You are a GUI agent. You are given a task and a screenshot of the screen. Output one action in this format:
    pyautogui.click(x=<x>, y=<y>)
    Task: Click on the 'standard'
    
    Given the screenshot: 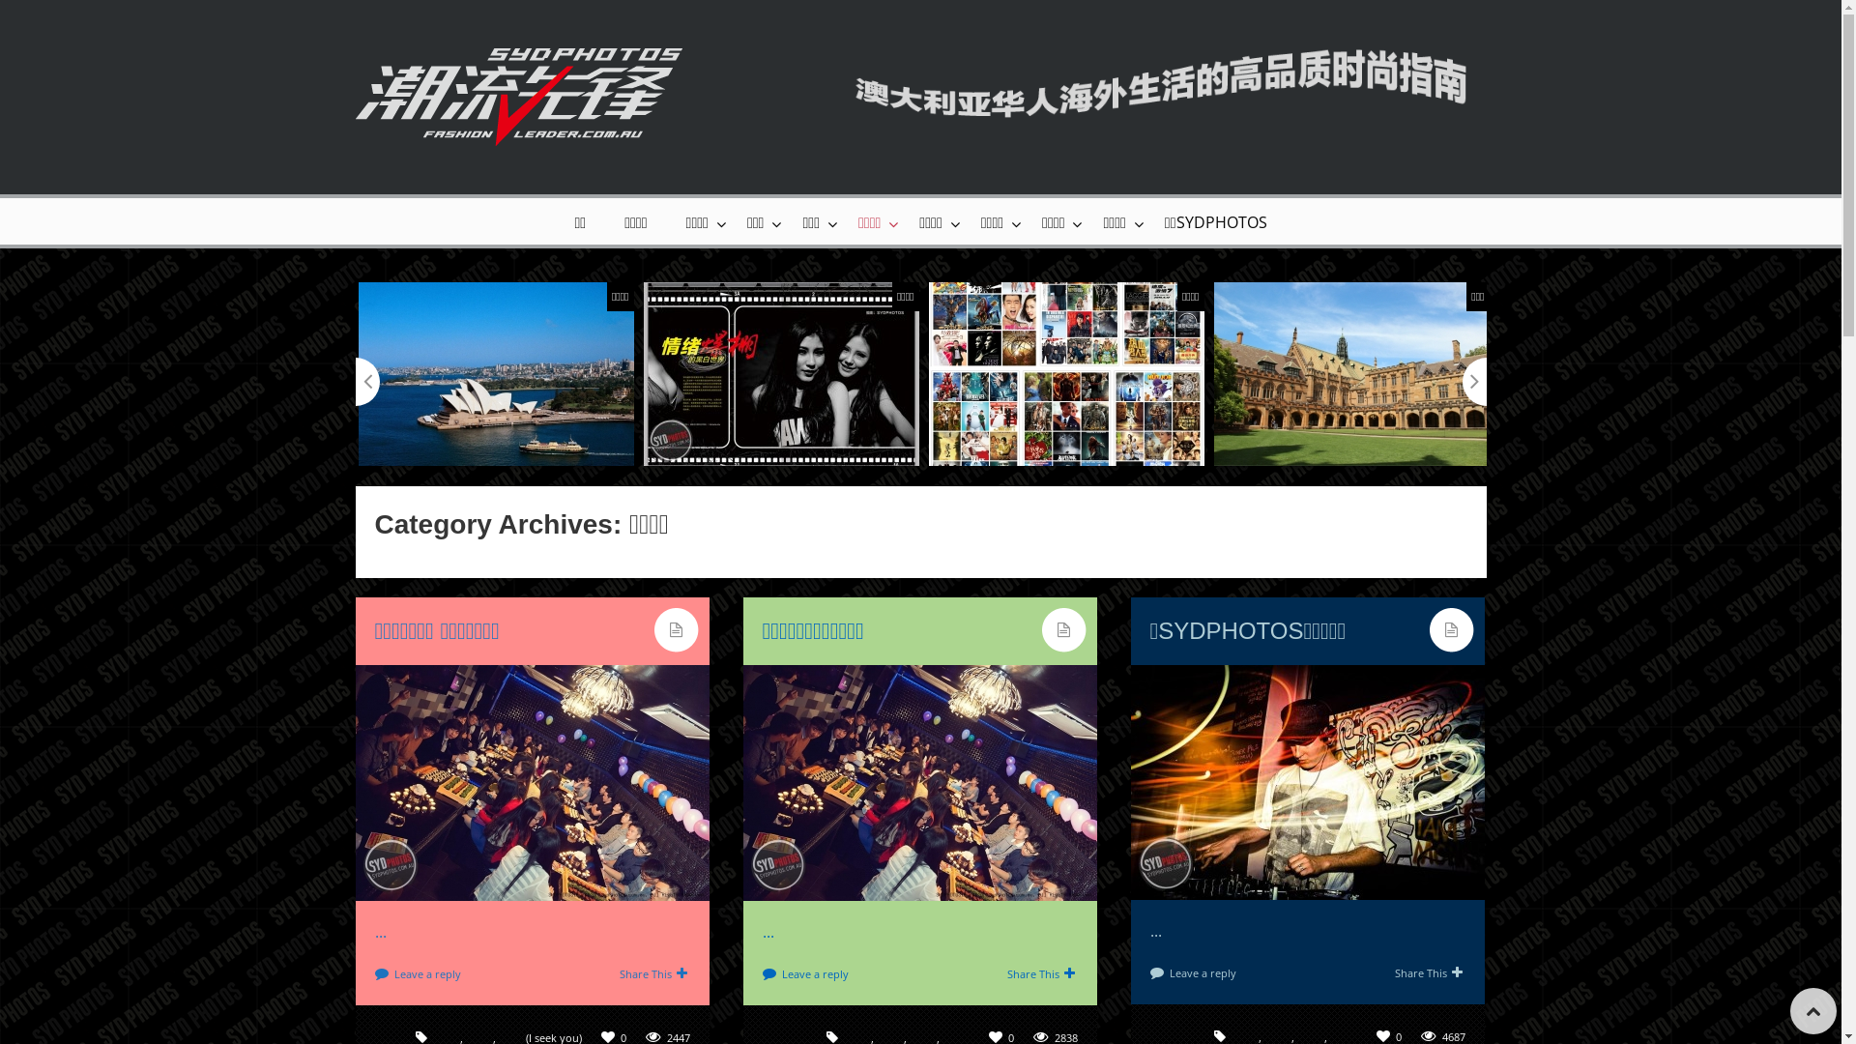 What is the action you would take?
    pyautogui.click(x=1452, y=629)
    